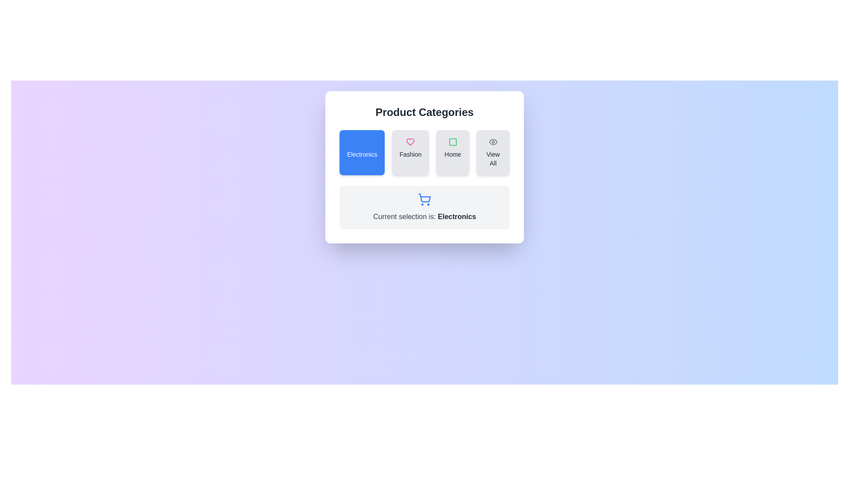 Image resolution: width=851 pixels, height=478 pixels. Describe the element at coordinates (453, 152) in the screenshot. I see `the 'Home' button, which is a rectangular button with a light gray background, rounded corners, and a green square icon above the text, located in the 'Product Categories' section` at that location.